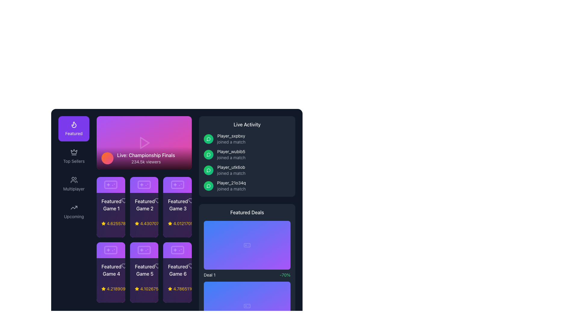  Describe the element at coordinates (104, 223) in the screenshot. I see `the star icon that indicates the rating of the associated game, located next to the rating value below the 'Featured Game 5' card in the second row and second column of the grid layout in the featured section` at that location.